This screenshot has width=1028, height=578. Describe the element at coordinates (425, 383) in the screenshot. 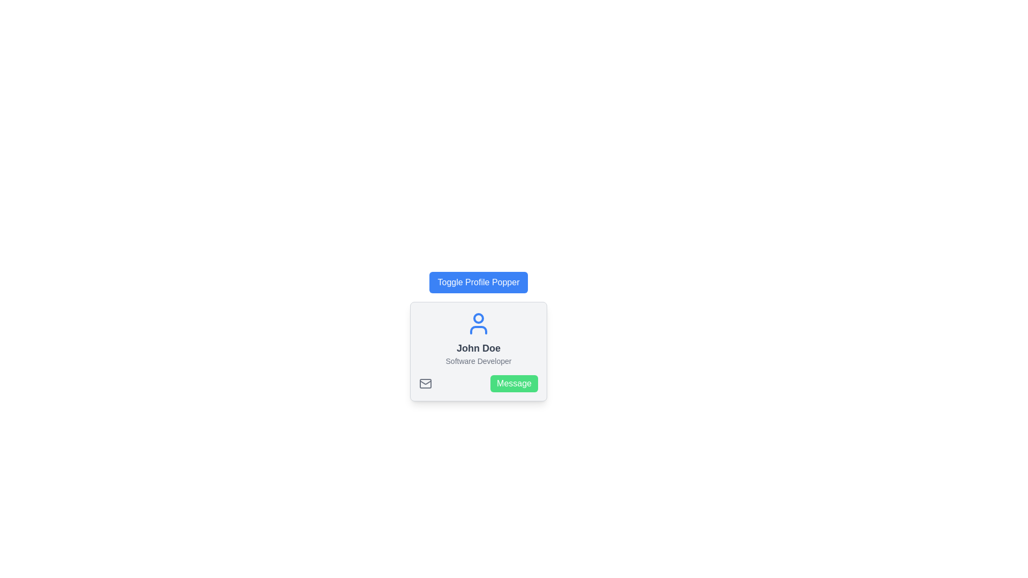

I see `the message indicator icon located at the bottom-left corner of the user profile card, adjacent to the 'Message' button` at that location.